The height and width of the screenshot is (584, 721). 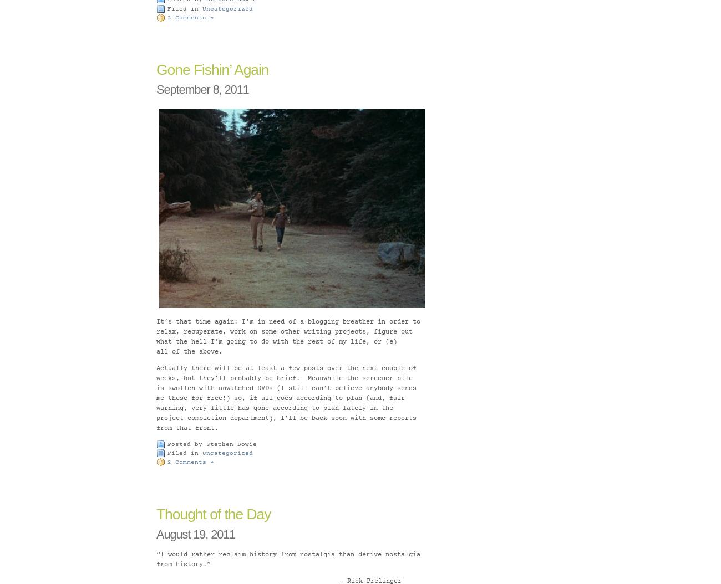 What do you see at coordinates (212, 443) in the screenshot?
I see `'Posted by Stephen Bowie'` at bounding box center [212, 443].